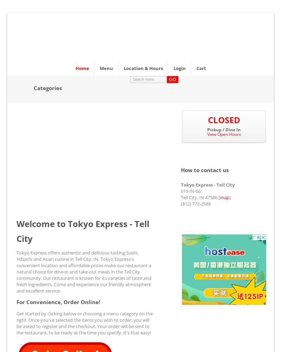 This screenshot has height=352, width=281. What do you see at coordinates (58, 301) in the screenshot?
I see `'For Convenience, Order Online!'` at bounding box center [58, 301].